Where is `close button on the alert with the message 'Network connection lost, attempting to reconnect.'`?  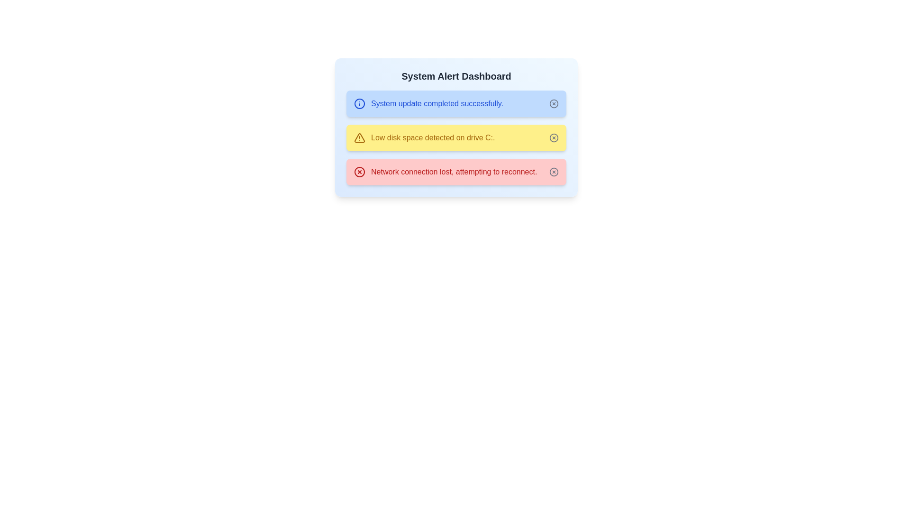
close button on the alert with the message 'Network connection lost, attempting to reconnect.' is located at coordinates (554, 172).